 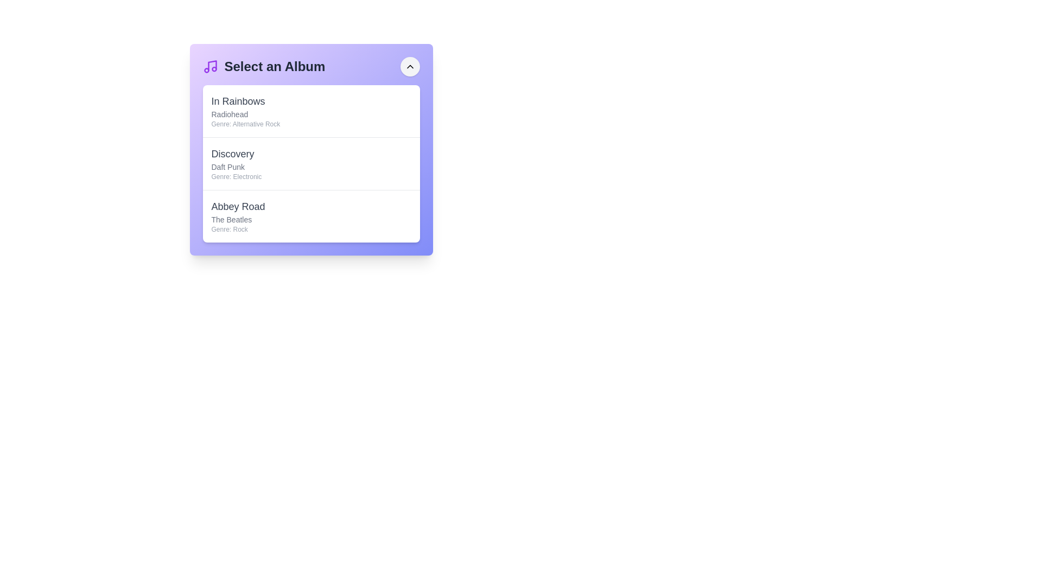 I want to click on the Header bar indicating the section for selecting an album, so click(x=310, y=67).